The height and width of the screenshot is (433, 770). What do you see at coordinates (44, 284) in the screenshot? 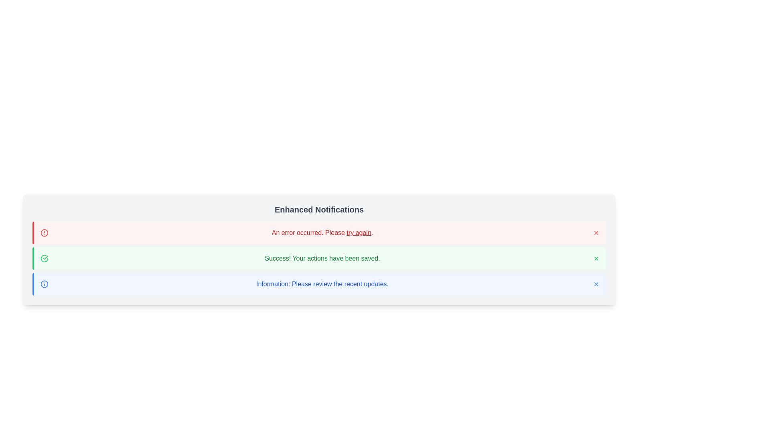
I see `the Decorative icon element within the third notification entry that has a blue background, indicating informational content` at bounding box center [44, 284].